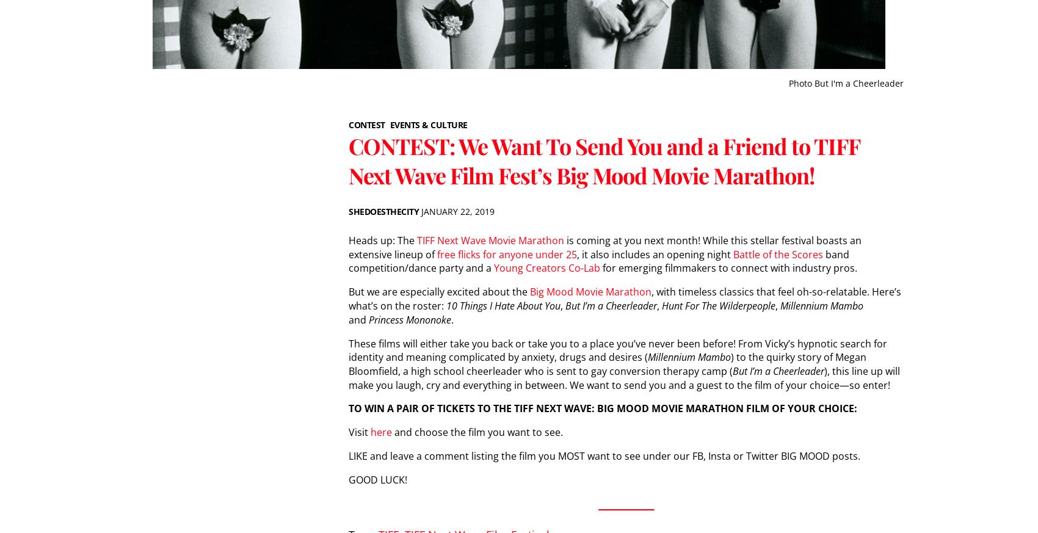 The image size is (1038, 533). What do you see at coordinates (602, 408) in the screenshot?
I see `'TO WIN A PAIR OF TICKETS TO THE TIFF NEXT WAVE: BIG MOOD MOVIE MARATHON FILM OF YOUR CHOICE:'` at bounding box center [602, 408].